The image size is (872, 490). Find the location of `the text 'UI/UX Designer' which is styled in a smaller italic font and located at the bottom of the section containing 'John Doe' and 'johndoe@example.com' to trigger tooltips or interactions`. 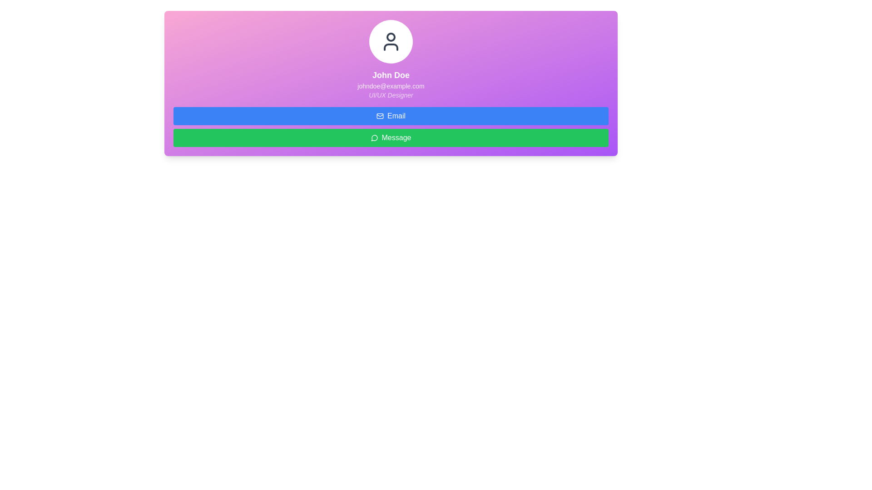

the text 'UI/UX Designer' which is styled in a smaller italic font and located at the bottom of the section containing 'John Doe' and 'johndoe@example.com' to trigger tooltips or interactions is located at coordinates (391, 95).